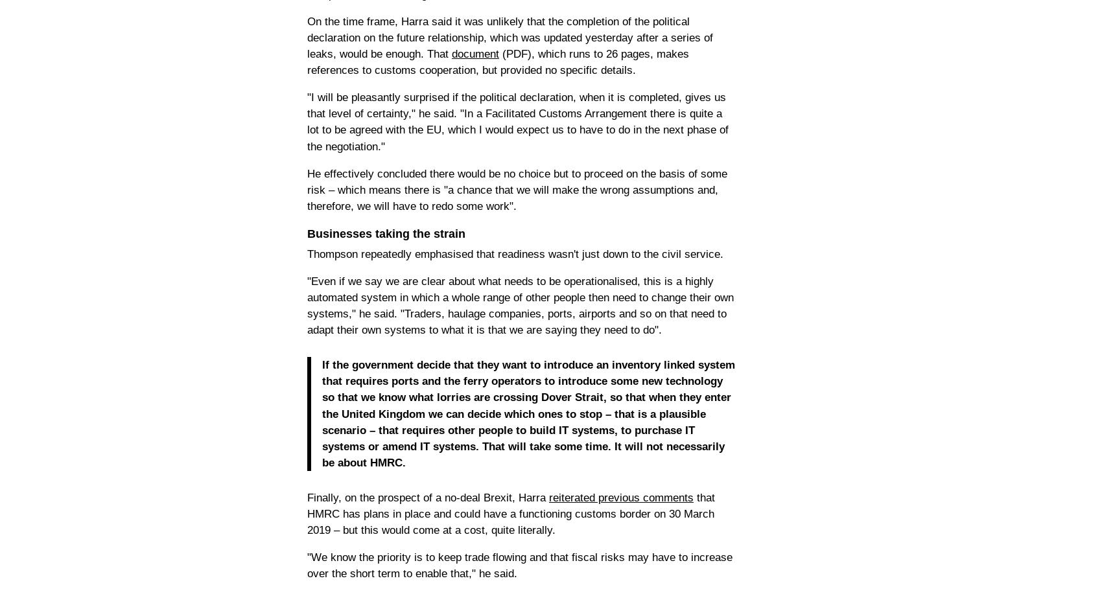 The width and height of the screenshot is (1102, 596). I want to click on 'reiterated previous comments', so click(620, 497).